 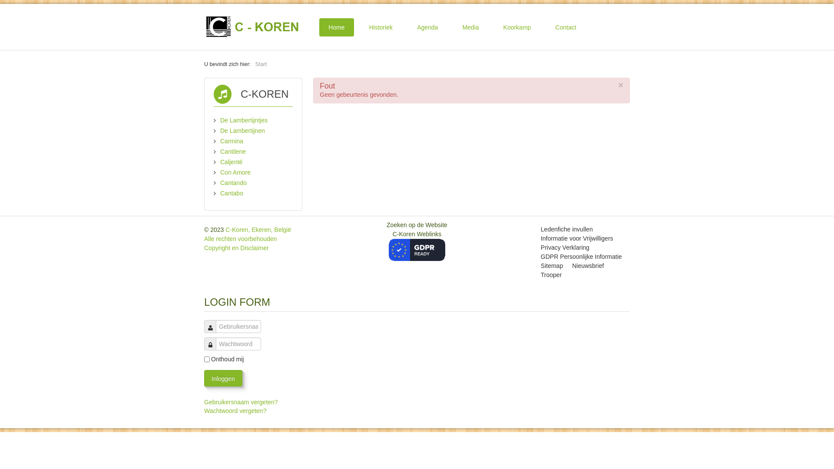 I want to click on 'C-Koren Weblinks', so click(x=417, y=241).